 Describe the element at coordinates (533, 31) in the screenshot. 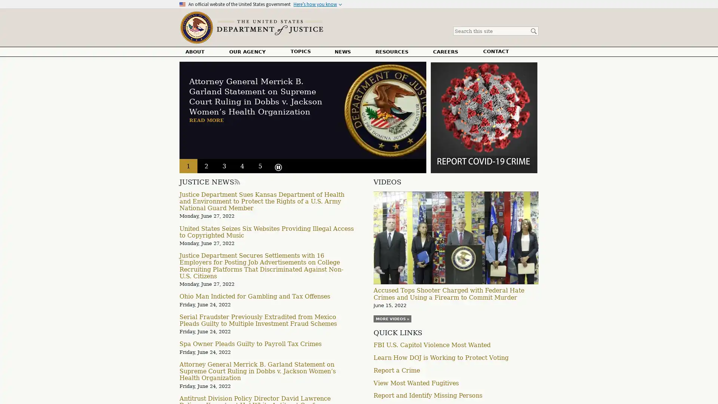

I see `Search` at that location.